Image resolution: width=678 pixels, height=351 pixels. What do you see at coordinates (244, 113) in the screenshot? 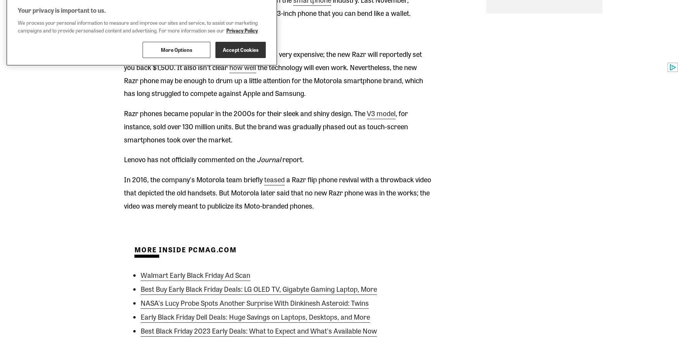
I see `'Razr phones became popular in the 2000s for their sleek and shiny design. The'` at bounding box center [244, 113].